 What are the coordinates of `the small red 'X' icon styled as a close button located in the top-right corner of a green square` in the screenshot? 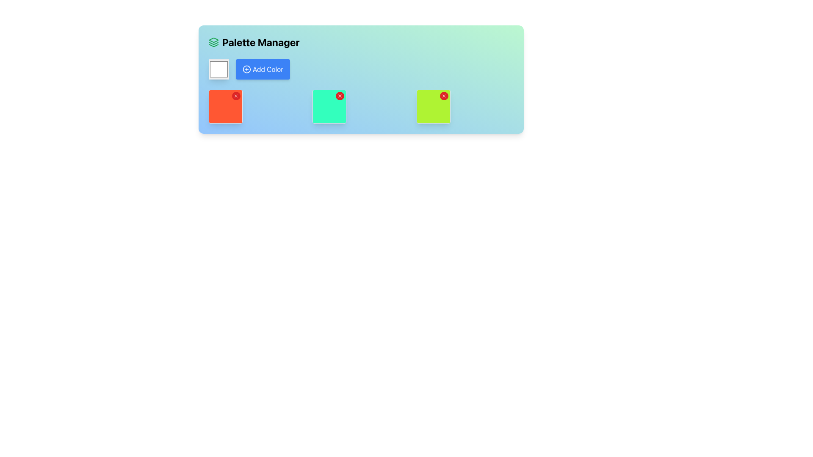 It's located at (236, 96).